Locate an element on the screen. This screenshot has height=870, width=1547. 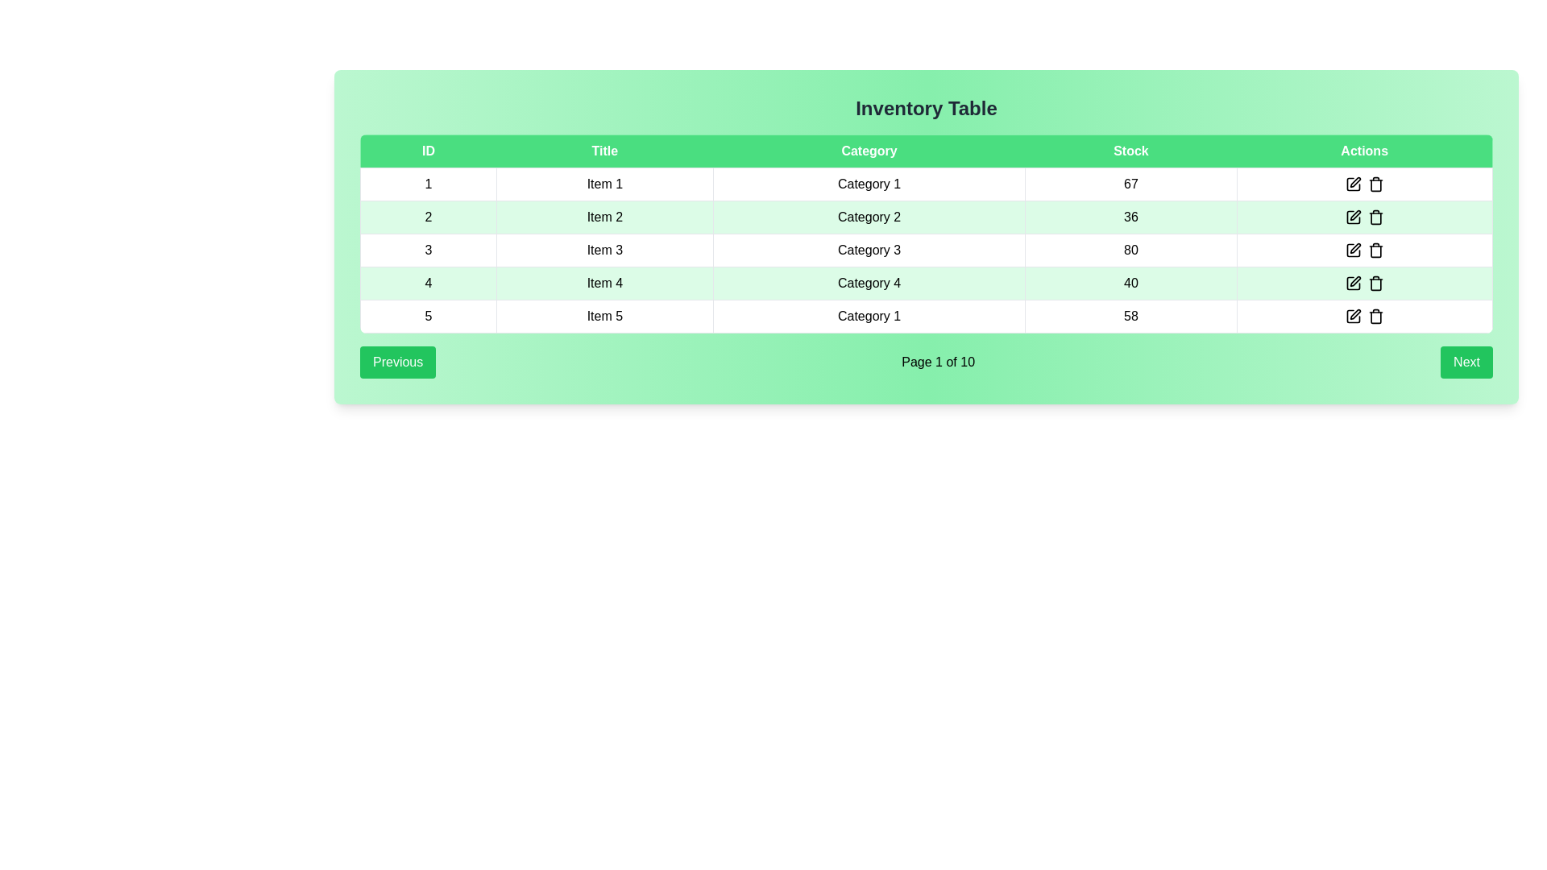
the 'Next' button, which is a rectangular button with white text on a green background, located at the lower-right corner of the interface is located at coordinates (1466, 362).